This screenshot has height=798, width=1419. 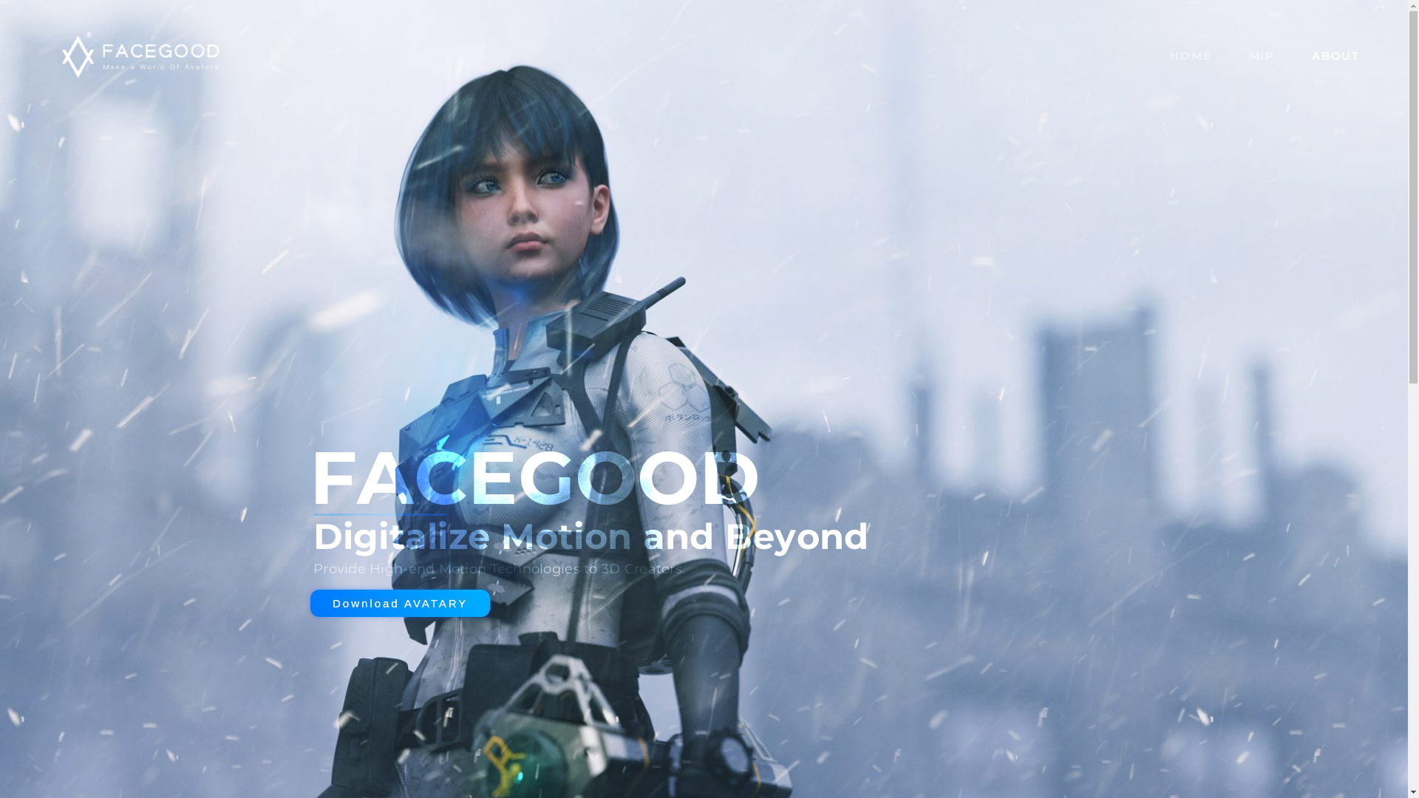 What do you see at coordinates (1248, 53) in the screenshot?
I see `'MIP'` at bounding box center [1248, 53].